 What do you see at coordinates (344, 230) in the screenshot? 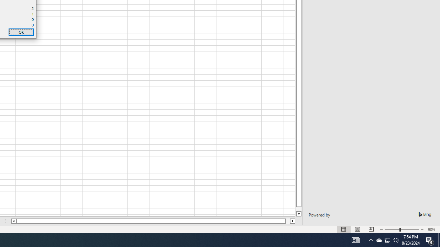
I see `'Normal'` at bounding box center [344, 230].